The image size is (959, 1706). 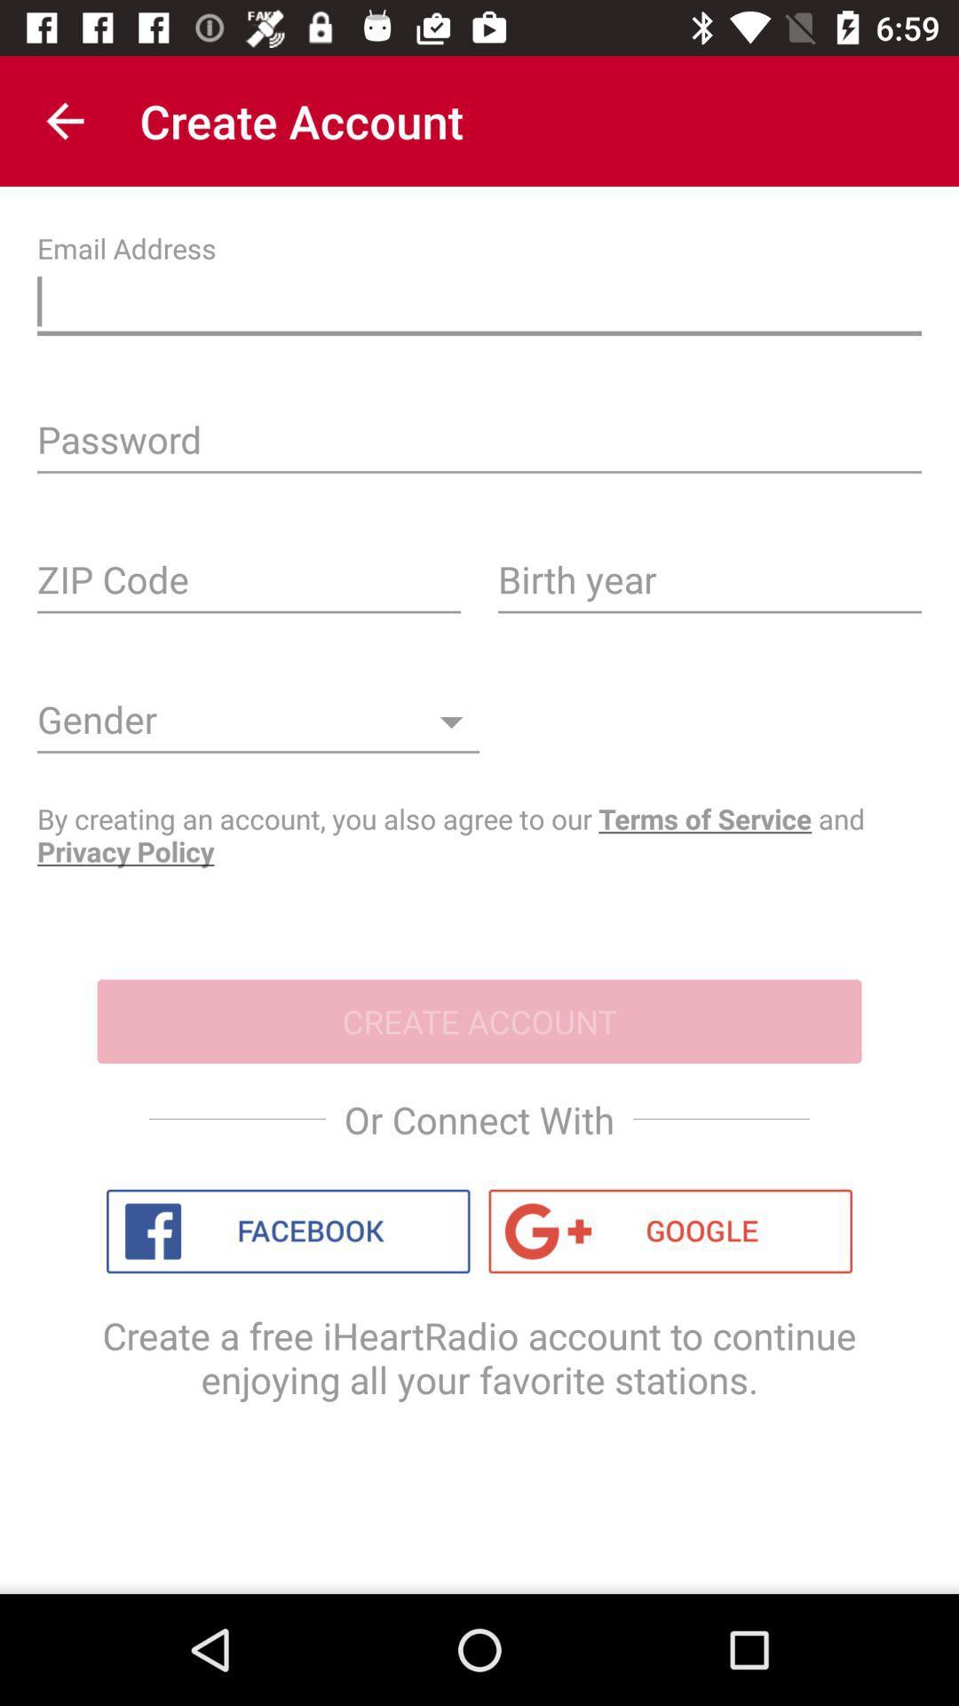 I want to click on the icon below the or connect with icon, so click(x=670, y=1231).